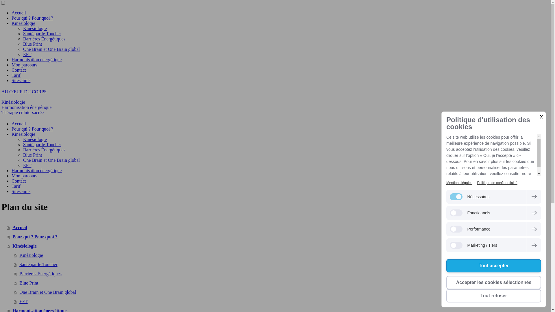 This screenshot has width=555, height=312. Describe the element at coordinates (11, 13) in the screenshot. I see `'Accueil'` at that location.